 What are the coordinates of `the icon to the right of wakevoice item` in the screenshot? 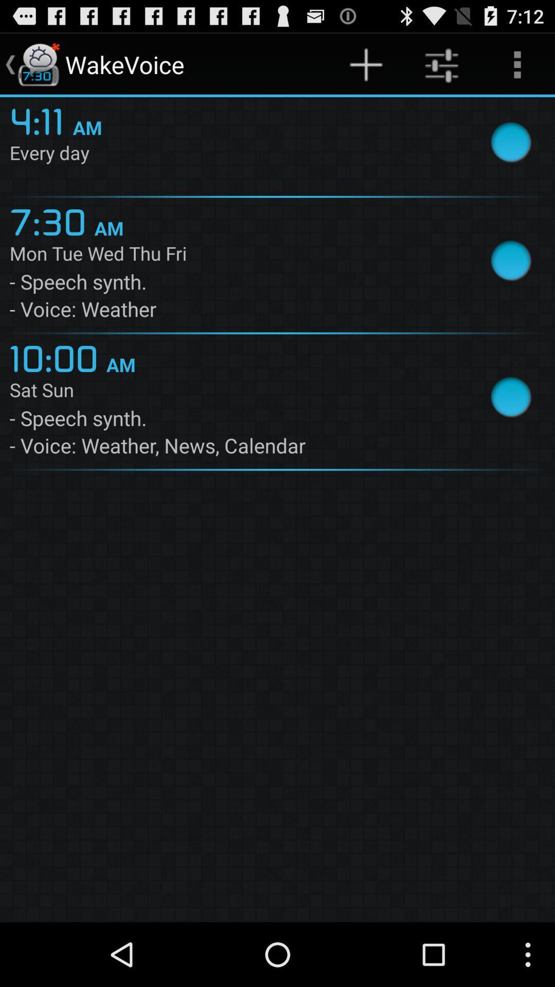 It's located at (365, 64).